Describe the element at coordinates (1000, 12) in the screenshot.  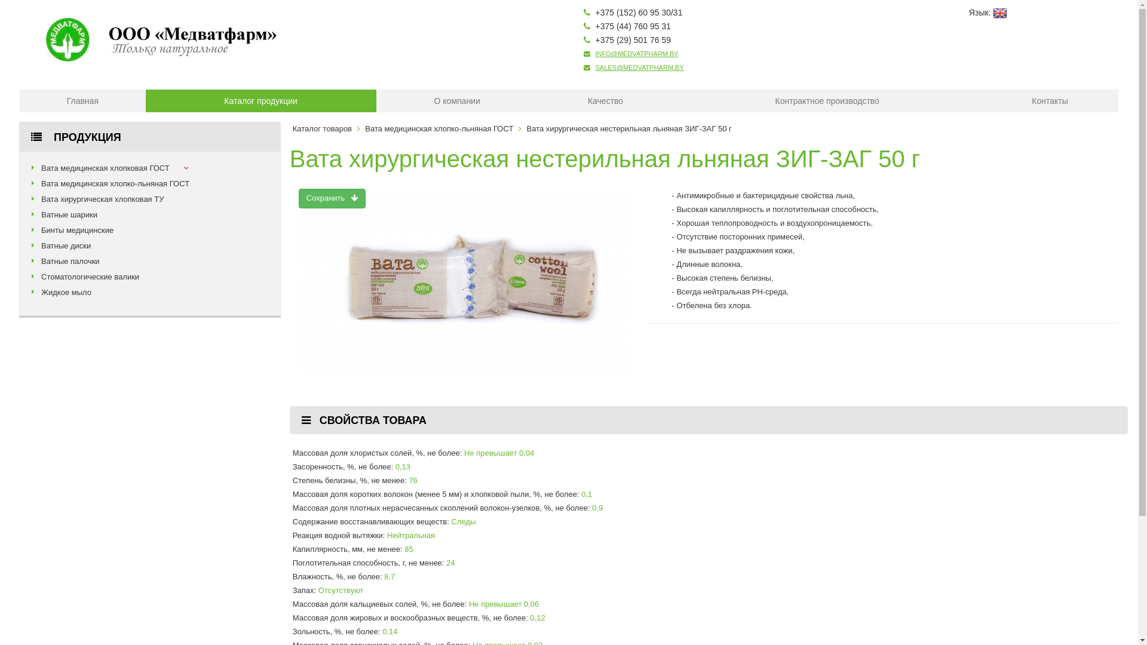
I see `'English'` at that location.